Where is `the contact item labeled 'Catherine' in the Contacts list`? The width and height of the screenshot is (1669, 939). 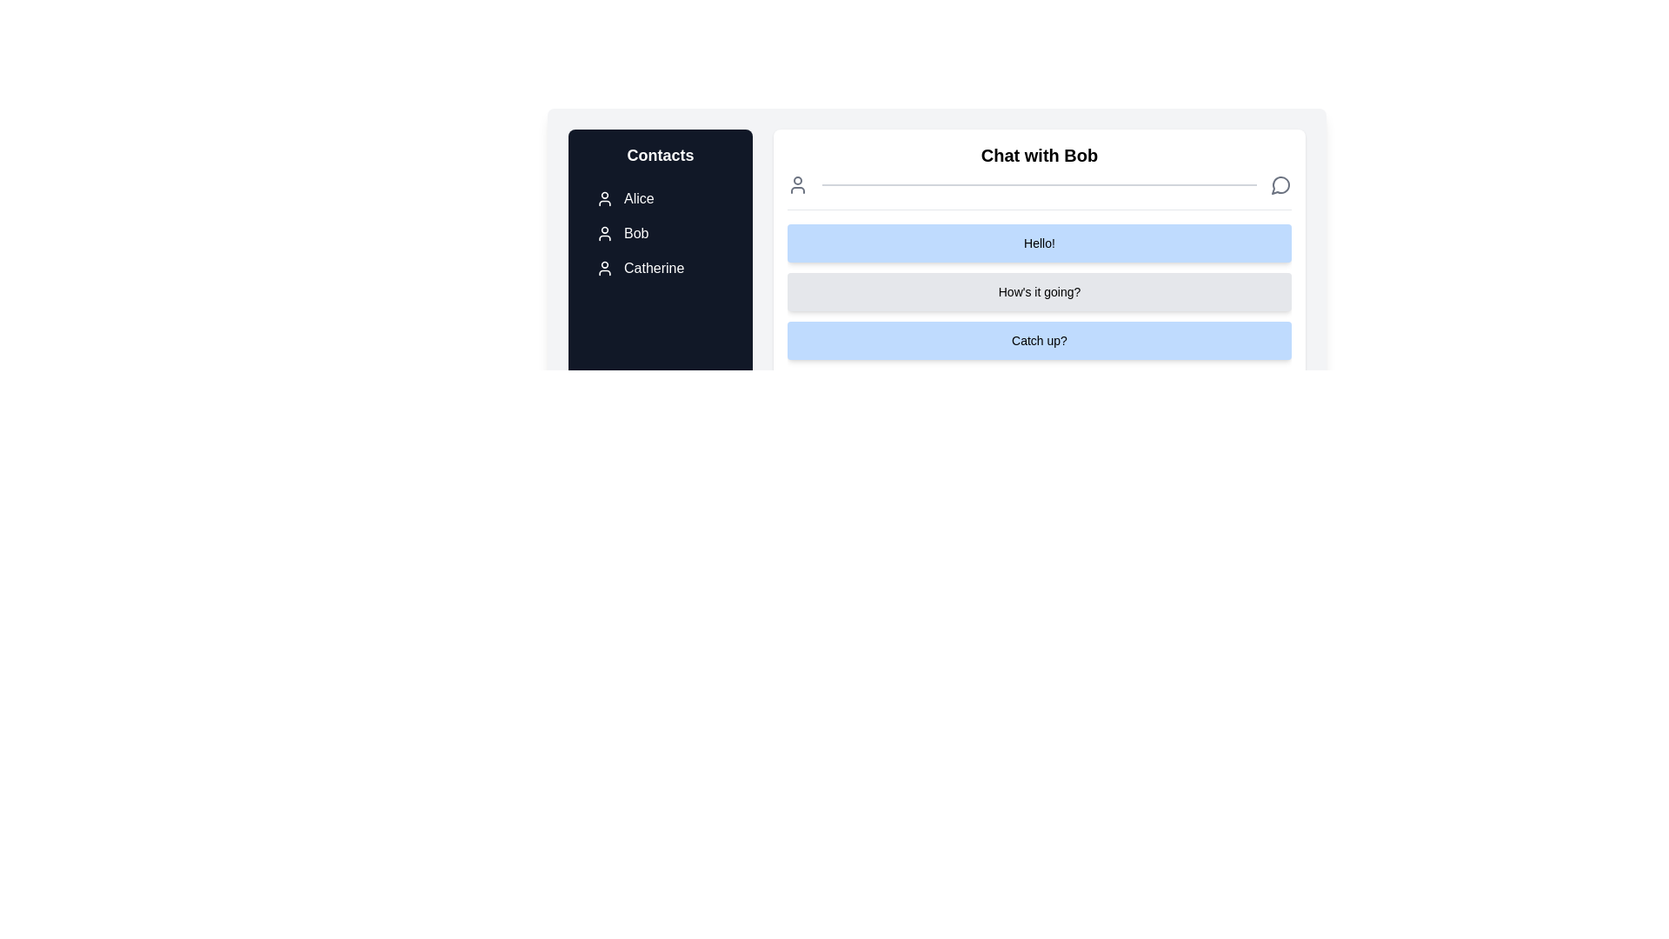 the contact item labeled 'Catherine' in the Contacts list is located at coordinates (659, 268).